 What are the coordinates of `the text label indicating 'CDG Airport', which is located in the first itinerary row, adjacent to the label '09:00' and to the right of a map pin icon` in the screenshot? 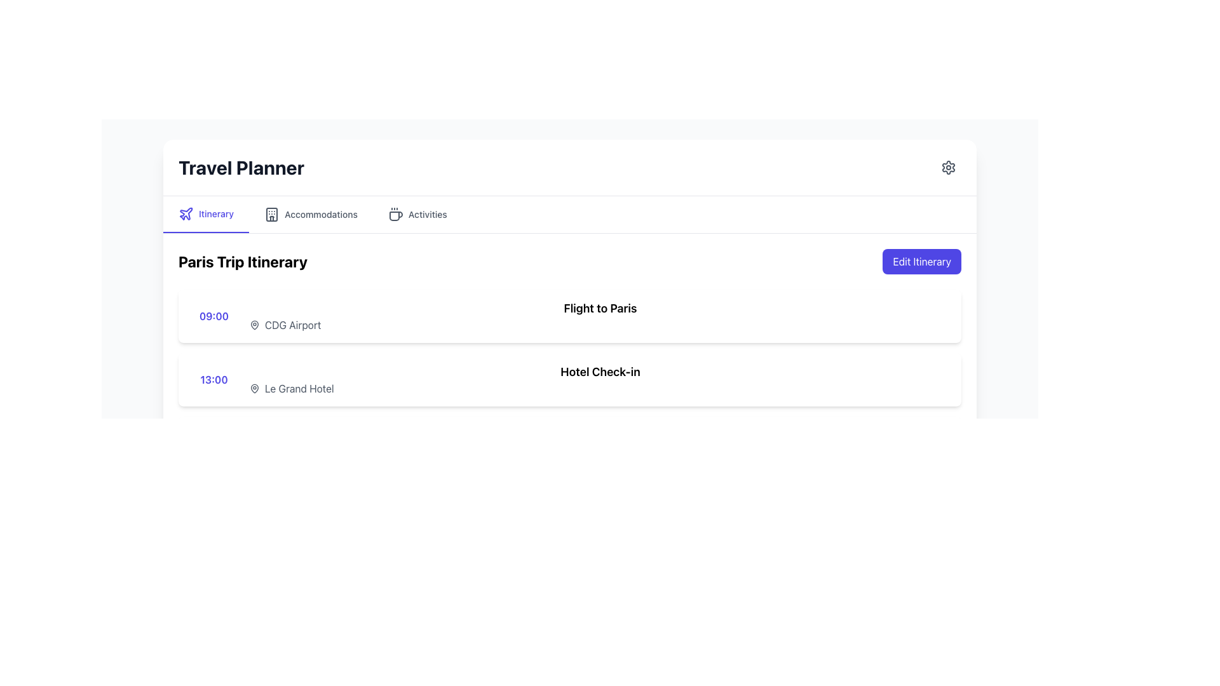 It's located at (292, 325).